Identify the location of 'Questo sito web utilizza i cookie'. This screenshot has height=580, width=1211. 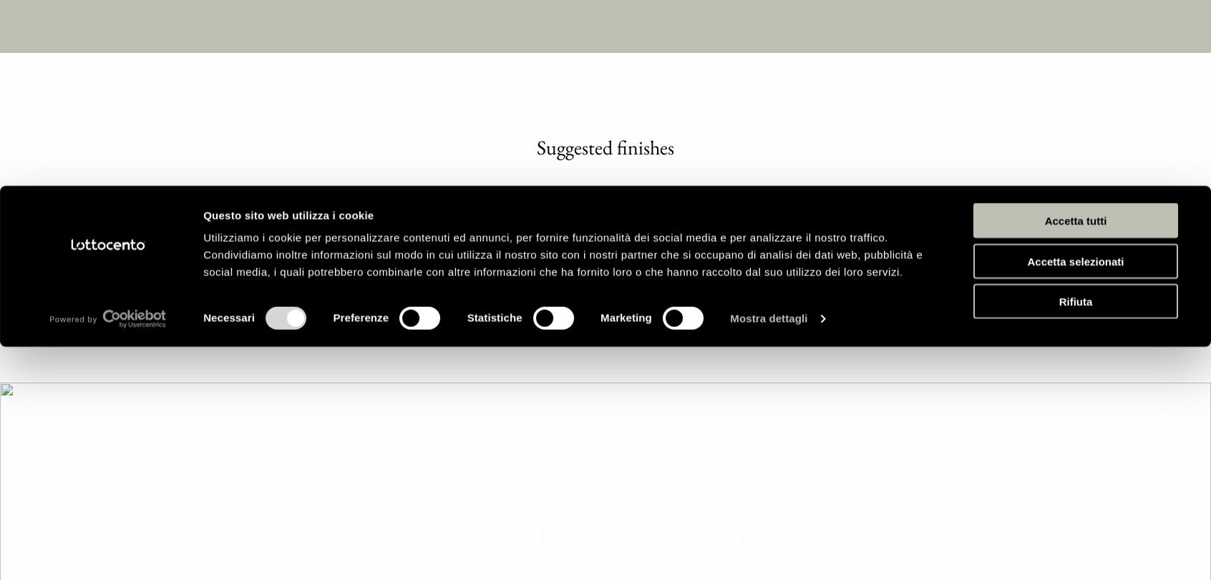
(288, 138).